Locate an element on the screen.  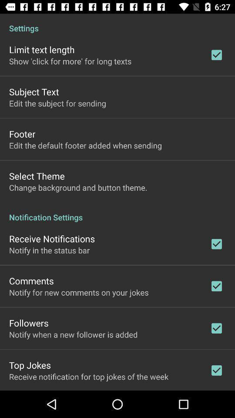
the notify in the icon is located at coordinates (49, 250).